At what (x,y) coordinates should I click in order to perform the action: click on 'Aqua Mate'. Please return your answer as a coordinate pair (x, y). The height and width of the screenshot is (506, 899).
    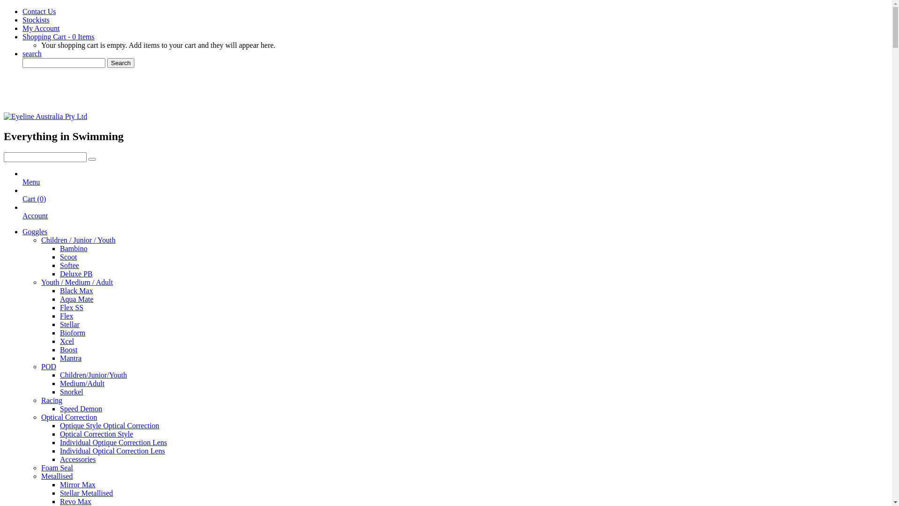
    Looking at the image, I should click on (76, 299).